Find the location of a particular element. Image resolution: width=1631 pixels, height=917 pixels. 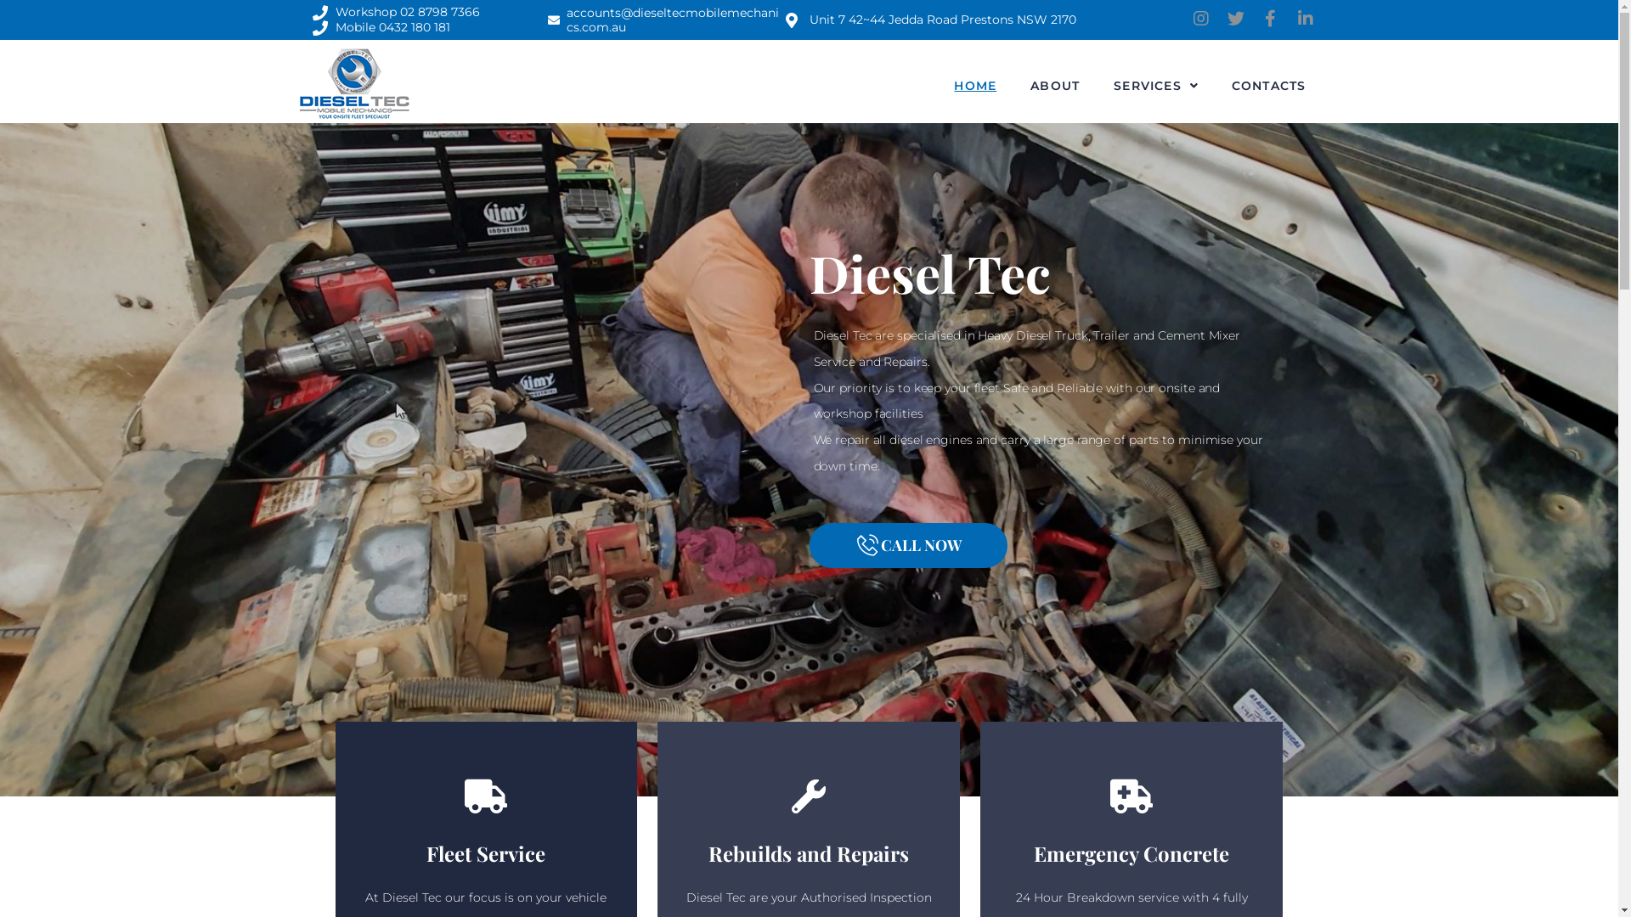

'Mobile 0432 180 181' is located at coordinates (313, 28).